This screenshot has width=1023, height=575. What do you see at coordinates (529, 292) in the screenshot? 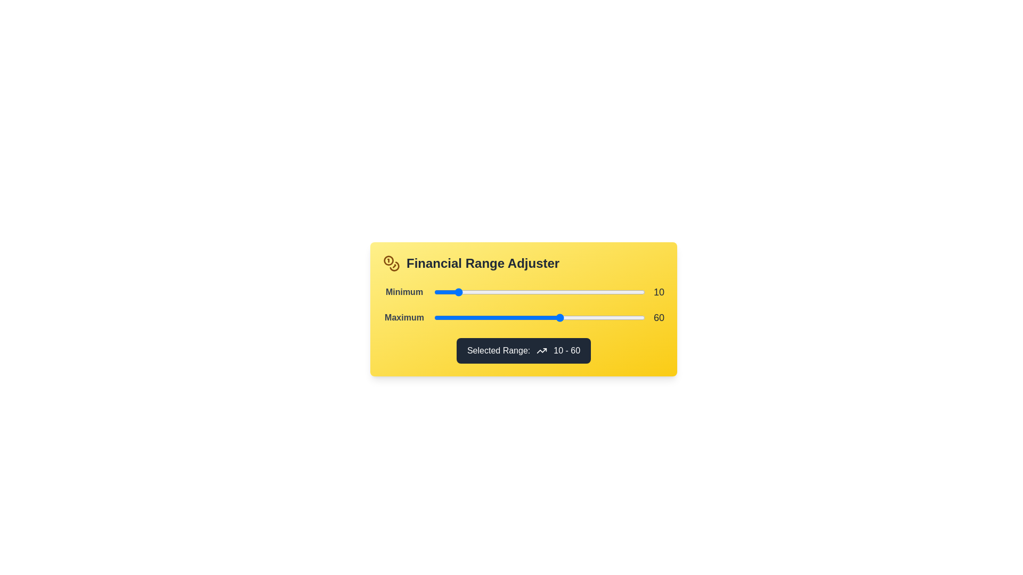
I see `the 'Minimum' slider to 45 within its range` at bounding box center [529, 292].